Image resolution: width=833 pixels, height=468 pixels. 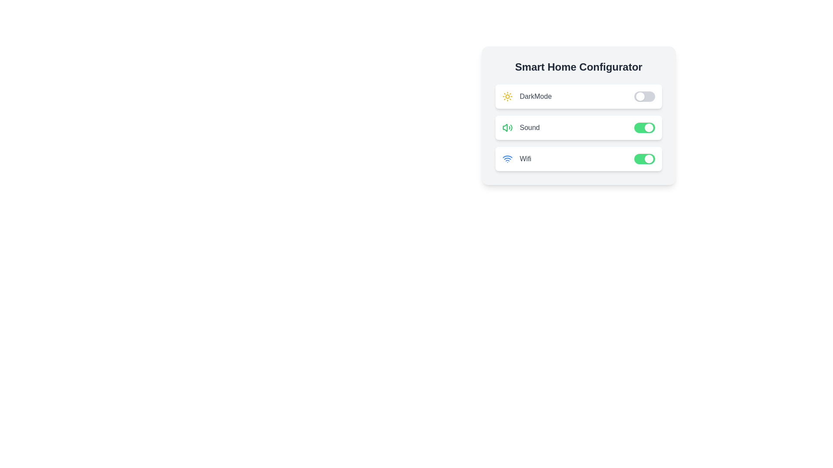 I want to click on the toggle switch located to the far right of the 'Sound' label, so click(x=645, y=127).